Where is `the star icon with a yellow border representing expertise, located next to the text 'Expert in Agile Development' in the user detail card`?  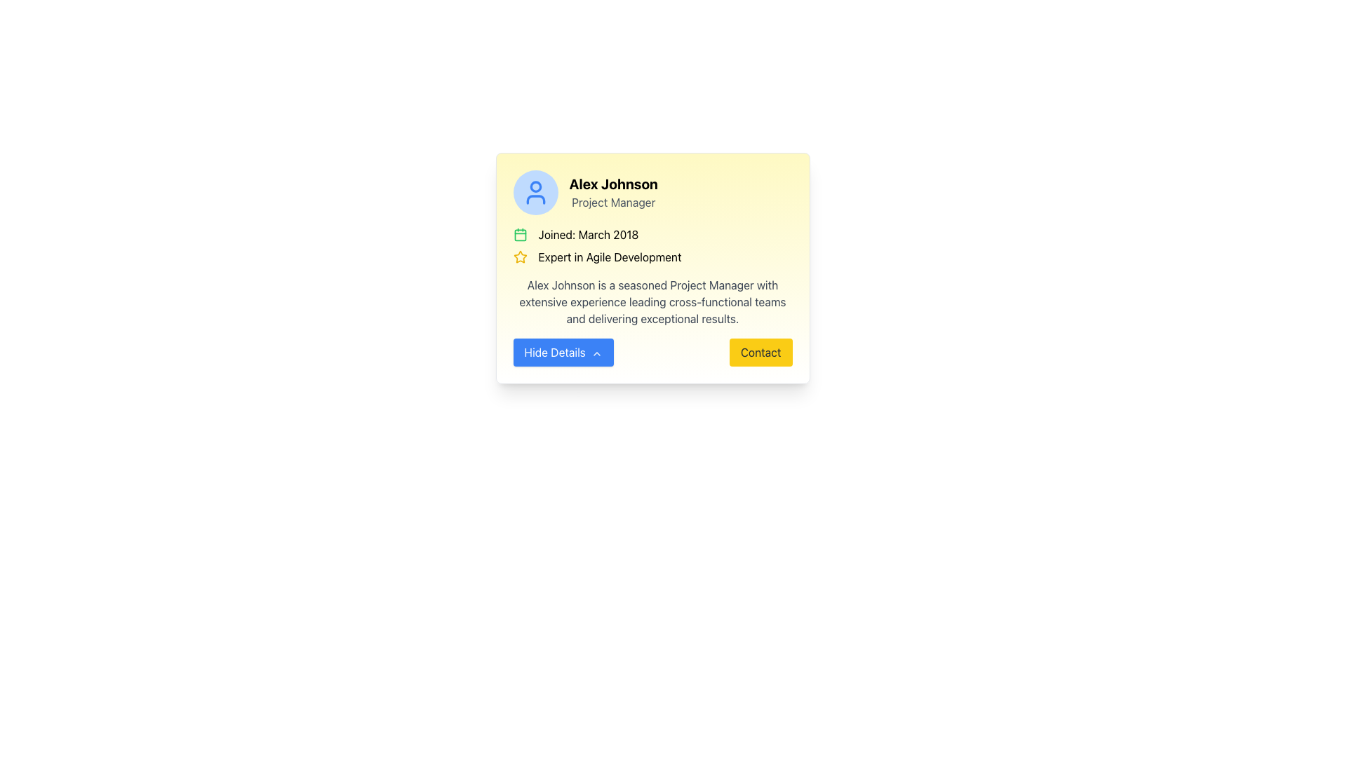 the star icon with a yellow border representing expertise, located next to the text 'Expert in Agile Development' in the user detail card is located at coordinates (519, 257).